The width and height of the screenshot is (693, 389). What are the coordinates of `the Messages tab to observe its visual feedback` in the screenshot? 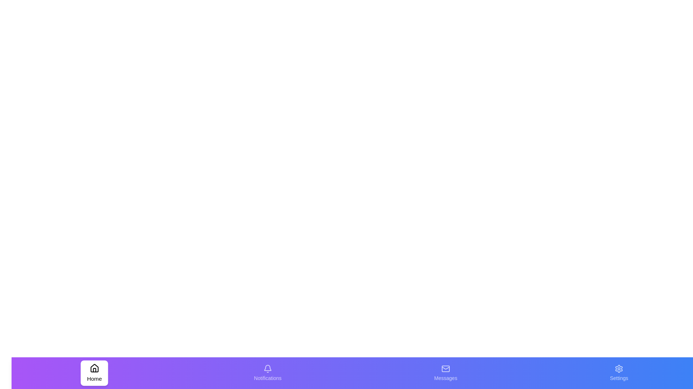 It's located at (445, 373).